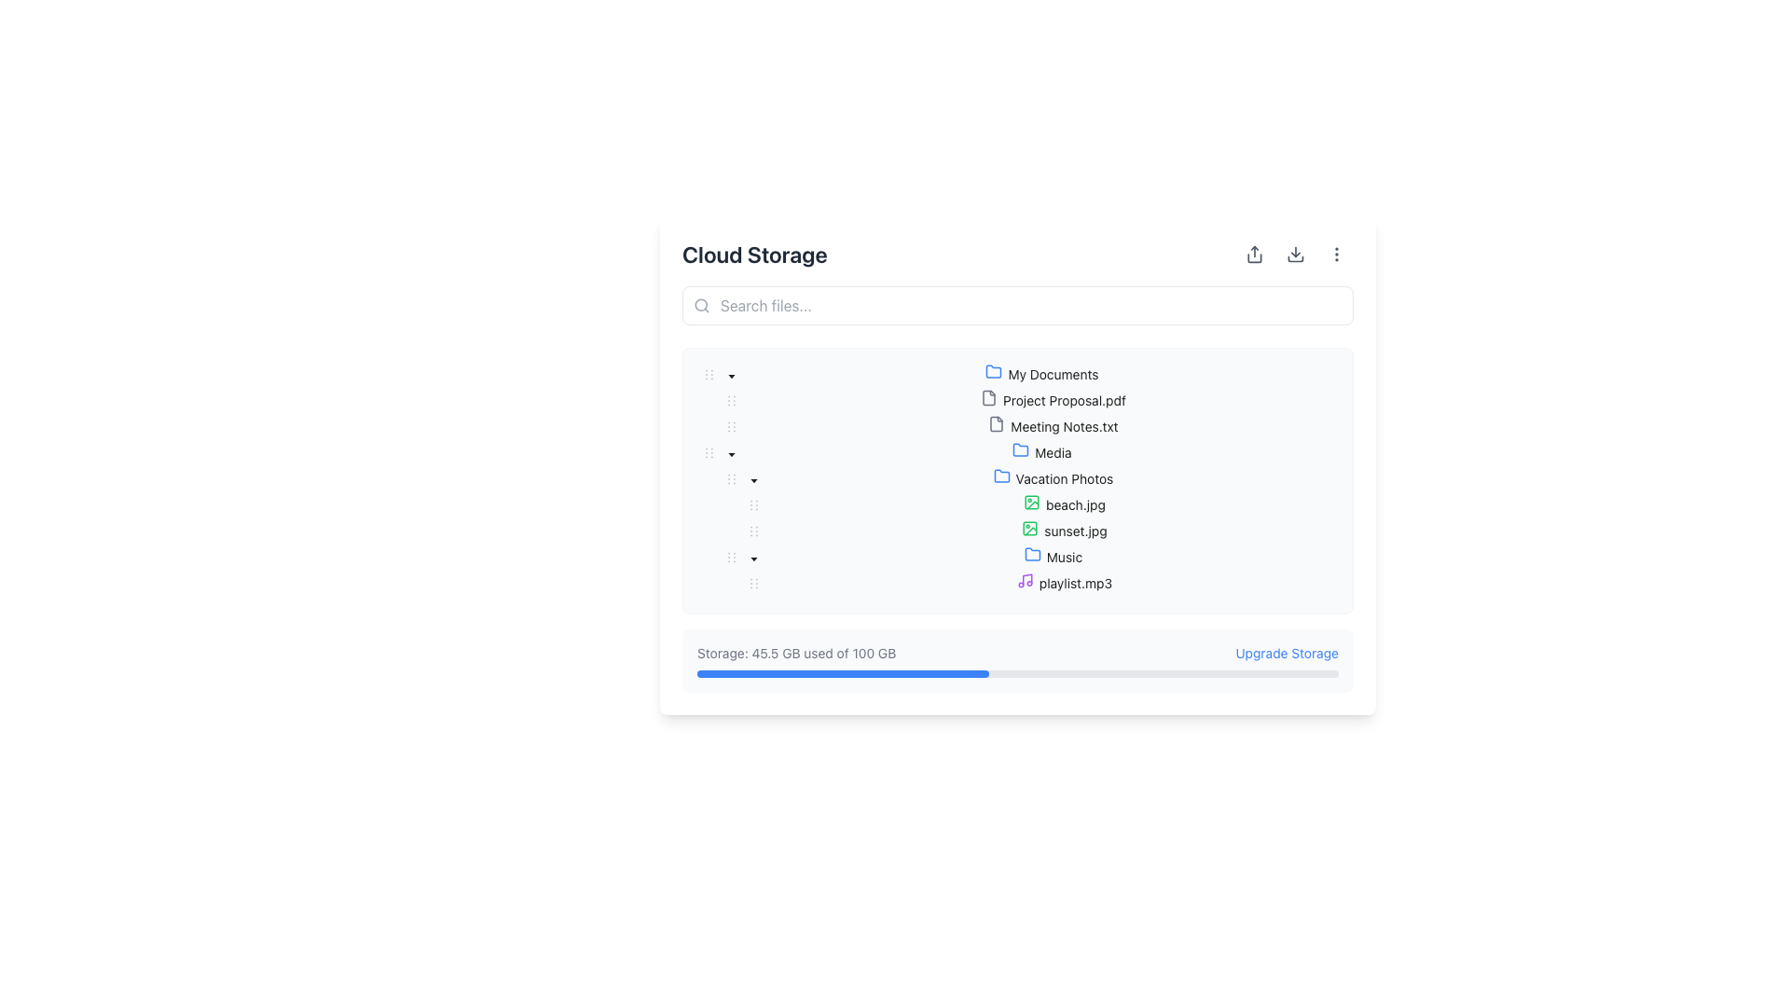 The width and height of the screenshot is (1790, 1007). I want to click on the representation of the 'Music' icon element, which visually denotes the content category 'Music' in the file tree, positioned near the 'playlist.mp3' file entry, so click(1026, 578).